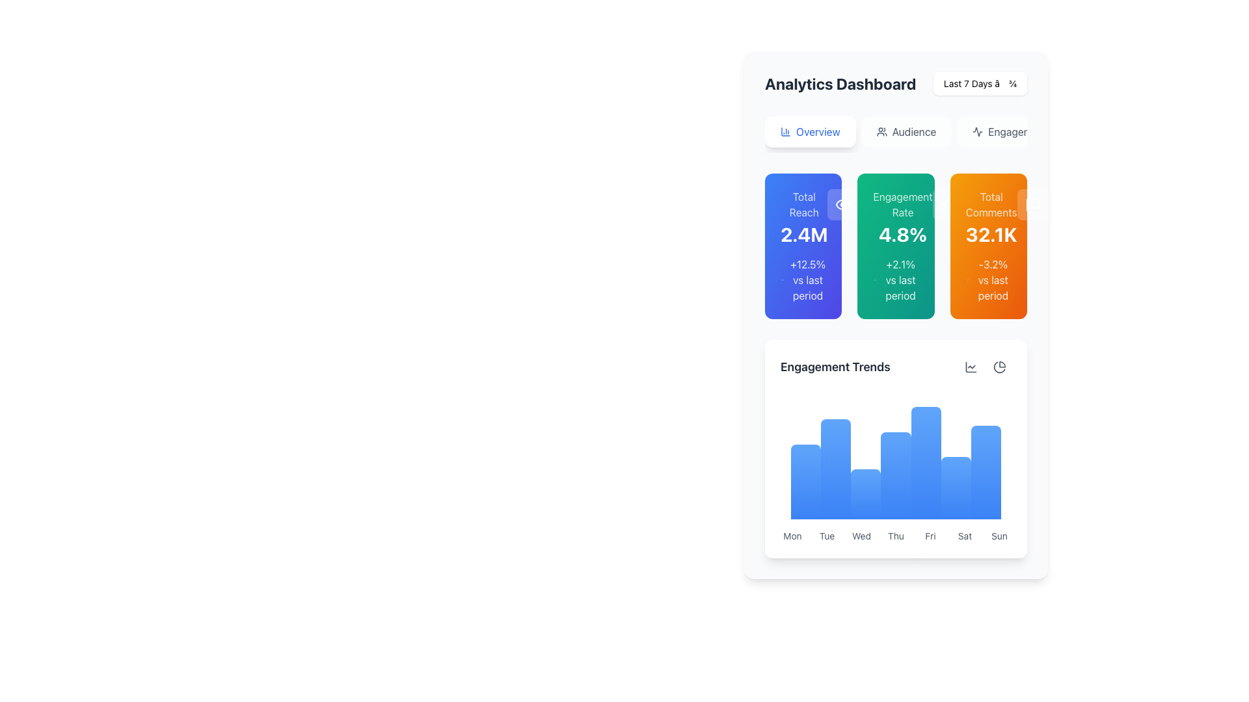  Describe the element at coordinates (1017, 132) in the screenshot. I see `the text label reading 'Engagement' located in the top-right corner of the 'Analytics Dashboard' section` at that location.